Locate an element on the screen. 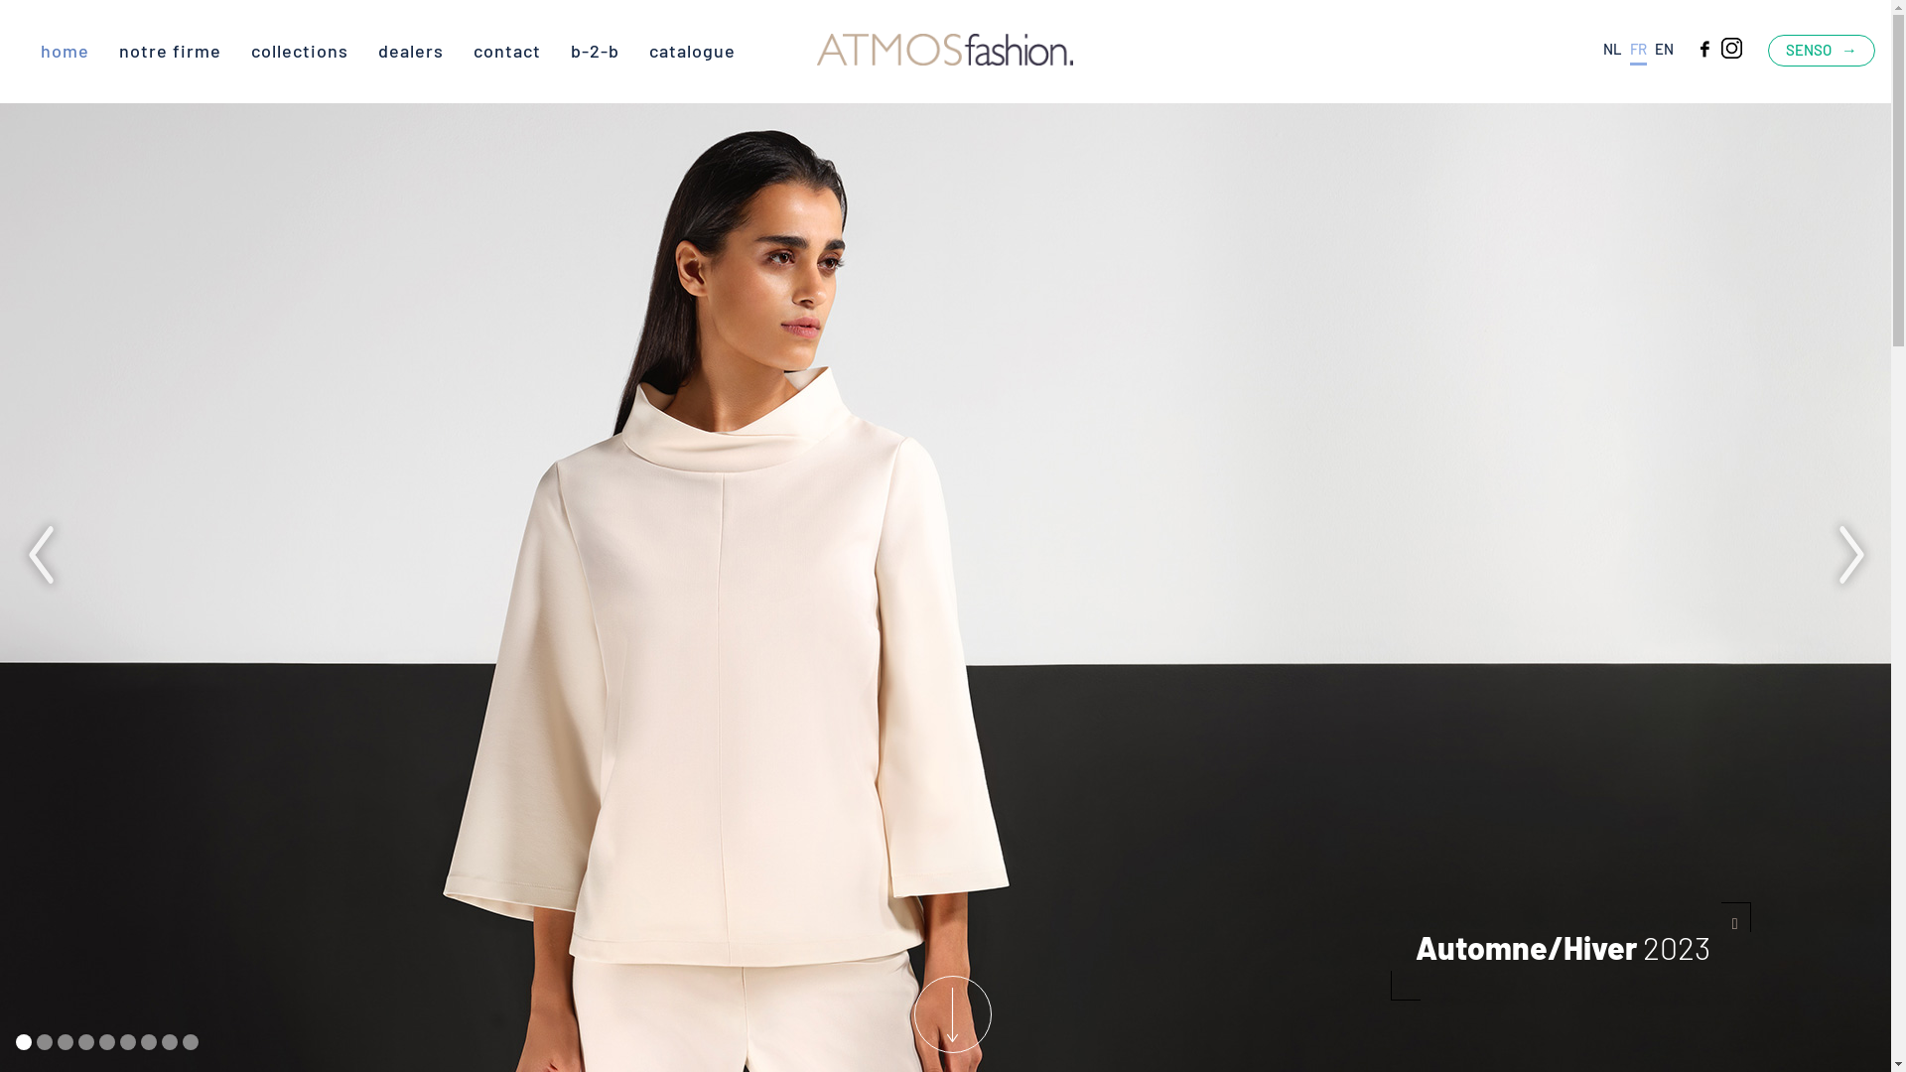  'catalogue' is located at coordinates (692, 49).